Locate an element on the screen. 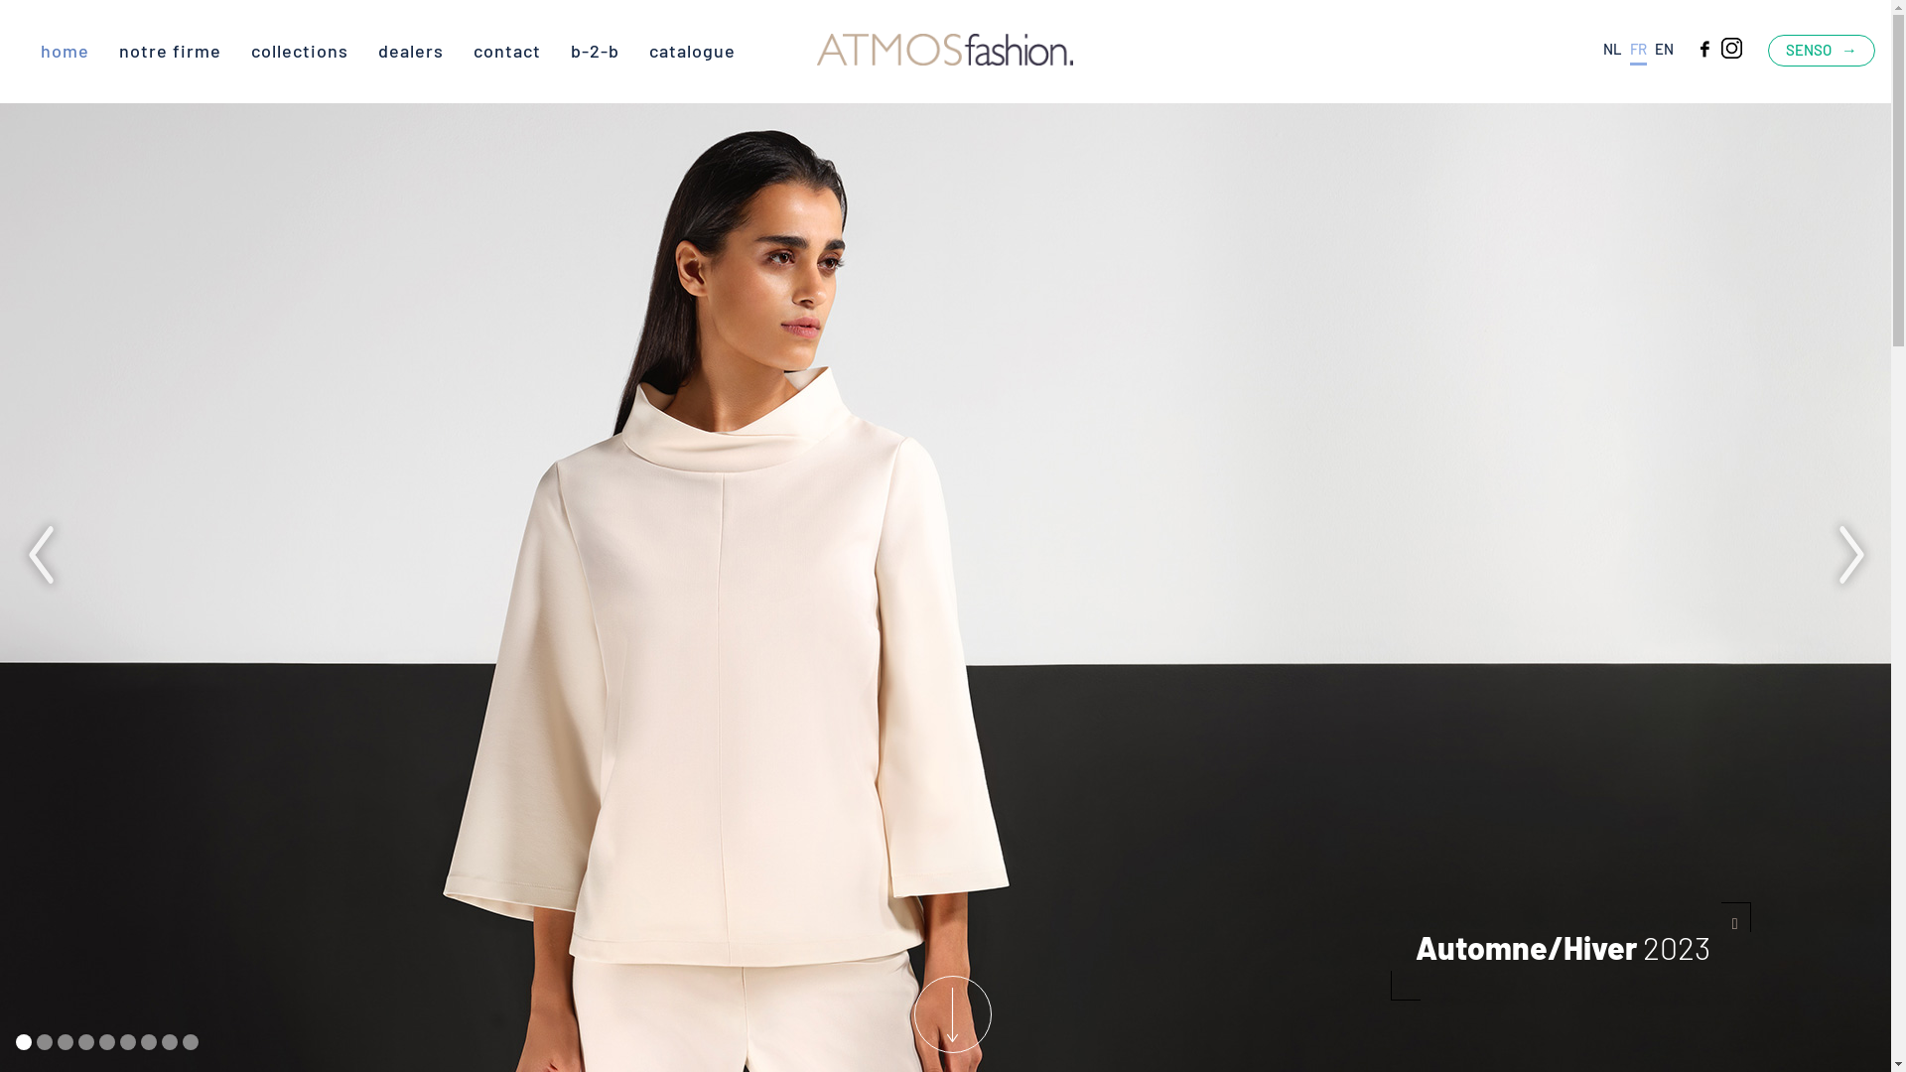  'catalogue' is located at coordinates (692, 49).